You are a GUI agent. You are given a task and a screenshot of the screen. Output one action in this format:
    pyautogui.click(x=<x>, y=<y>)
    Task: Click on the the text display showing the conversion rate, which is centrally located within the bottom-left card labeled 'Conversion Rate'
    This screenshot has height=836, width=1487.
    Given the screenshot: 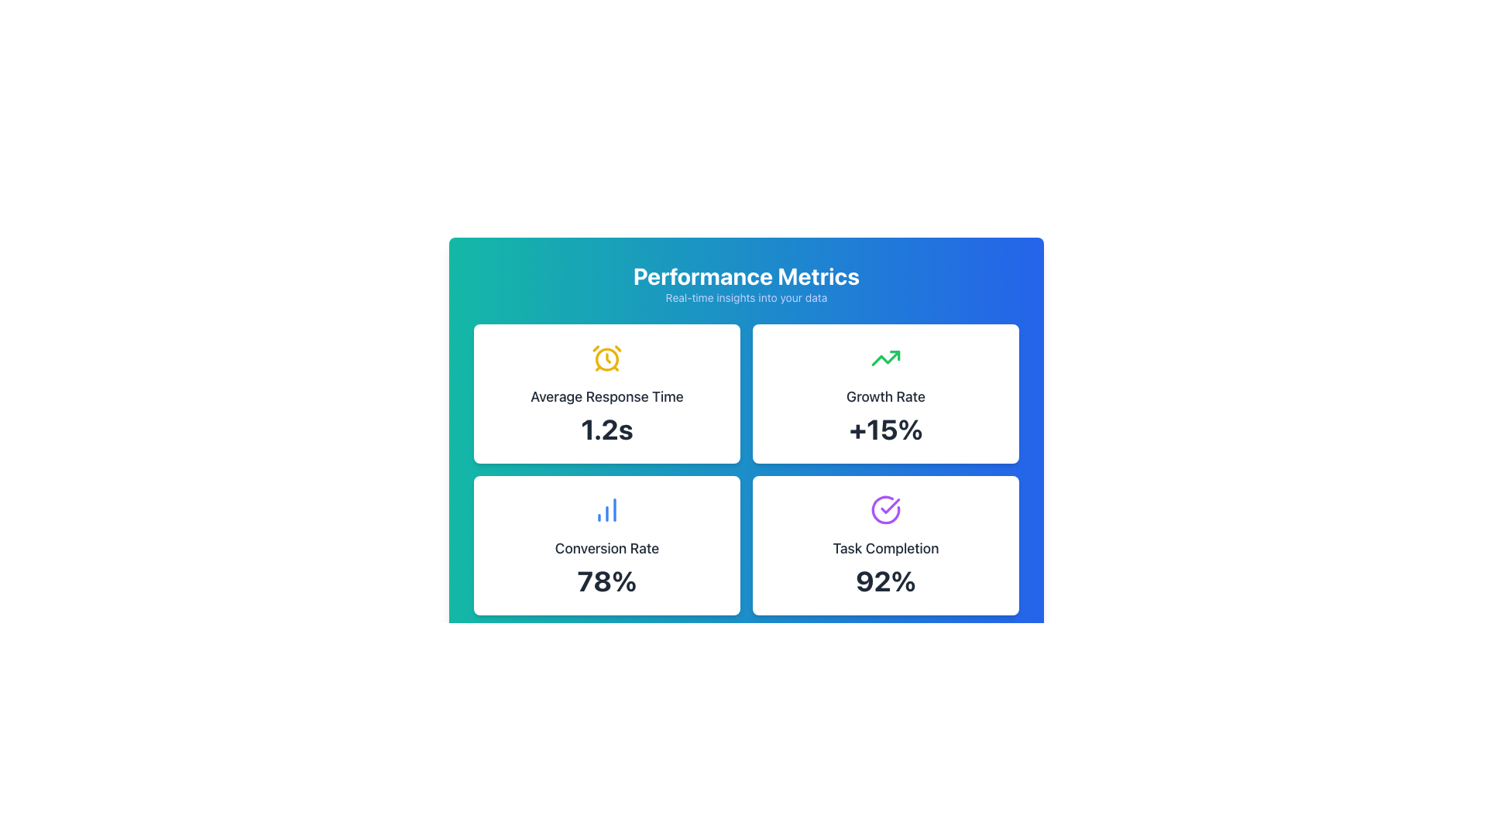 What is the action you would take?
    pyautogui.click(x=606, y=581)
    